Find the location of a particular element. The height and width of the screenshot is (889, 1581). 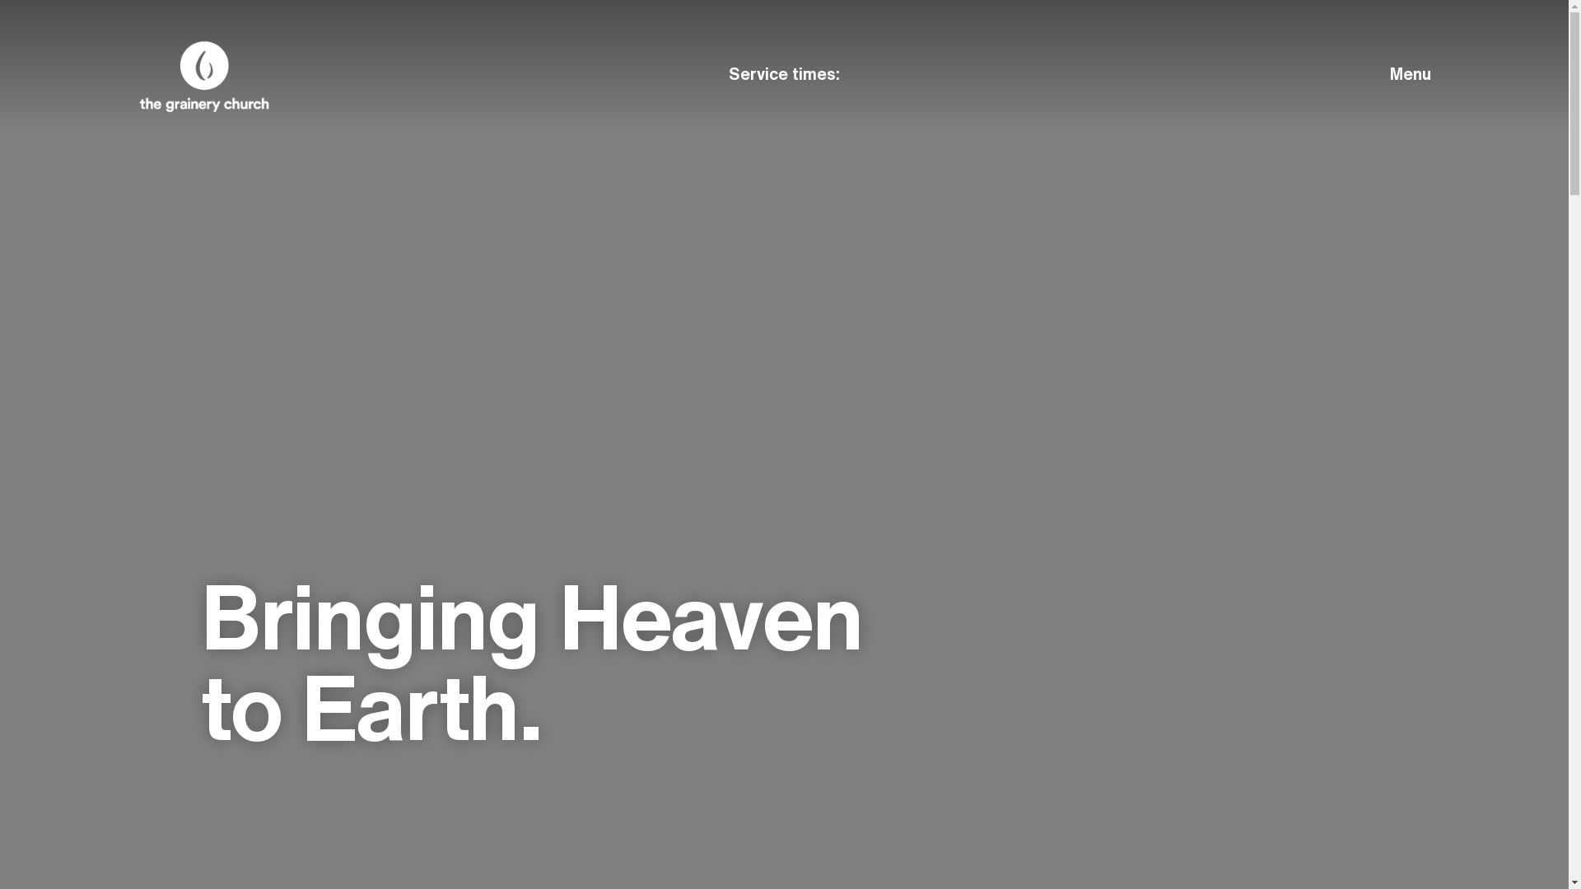

'Menu' is located at coordinates (1335, 72).